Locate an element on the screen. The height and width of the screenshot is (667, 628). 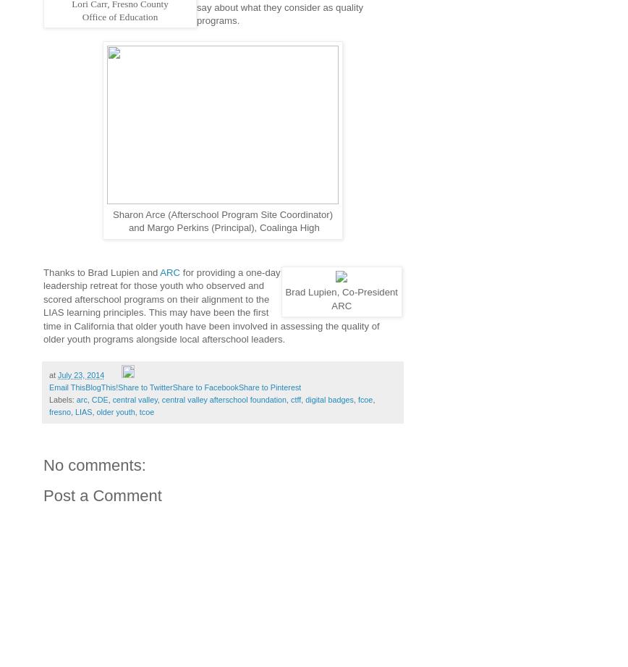
'arc' is located at coordinates (81, 398).